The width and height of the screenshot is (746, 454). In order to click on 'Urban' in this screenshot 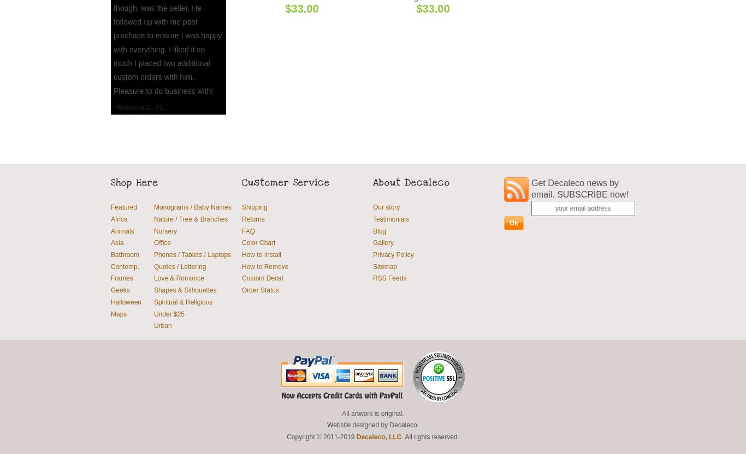, I will do `click(162, 325)`.